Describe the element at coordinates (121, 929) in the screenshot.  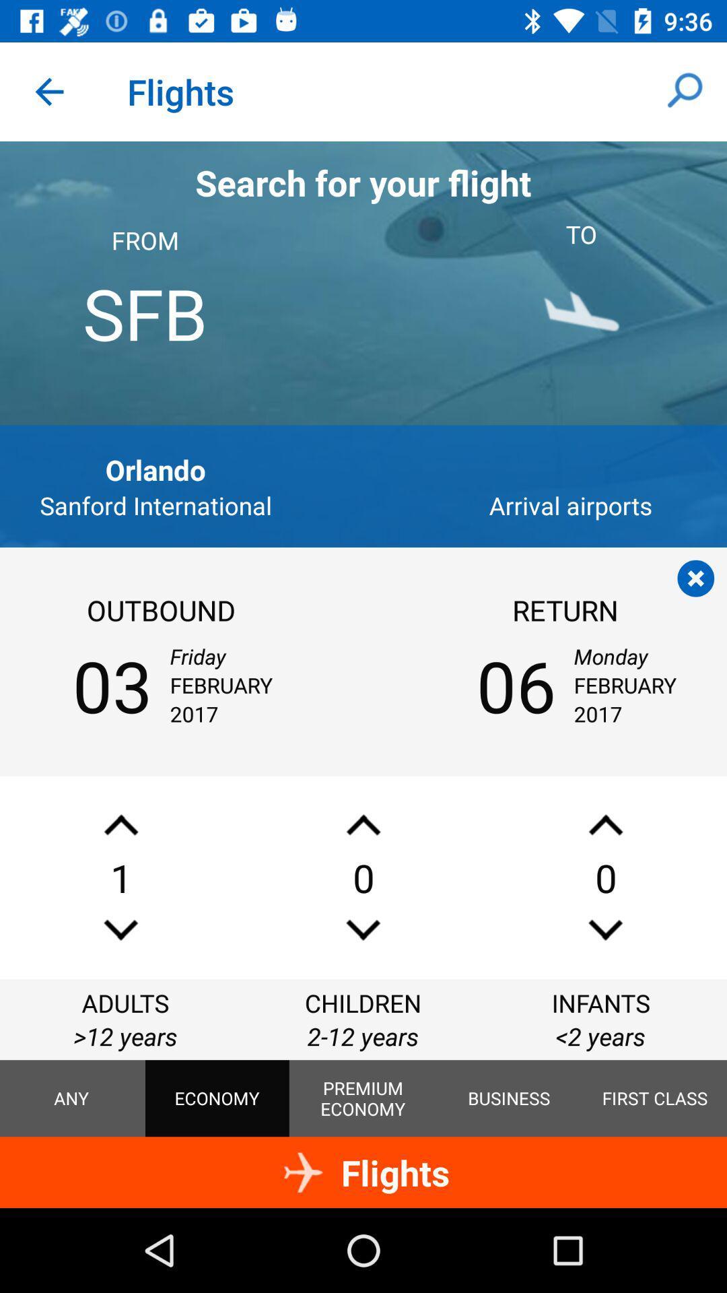
I see `decrease value` at that location.